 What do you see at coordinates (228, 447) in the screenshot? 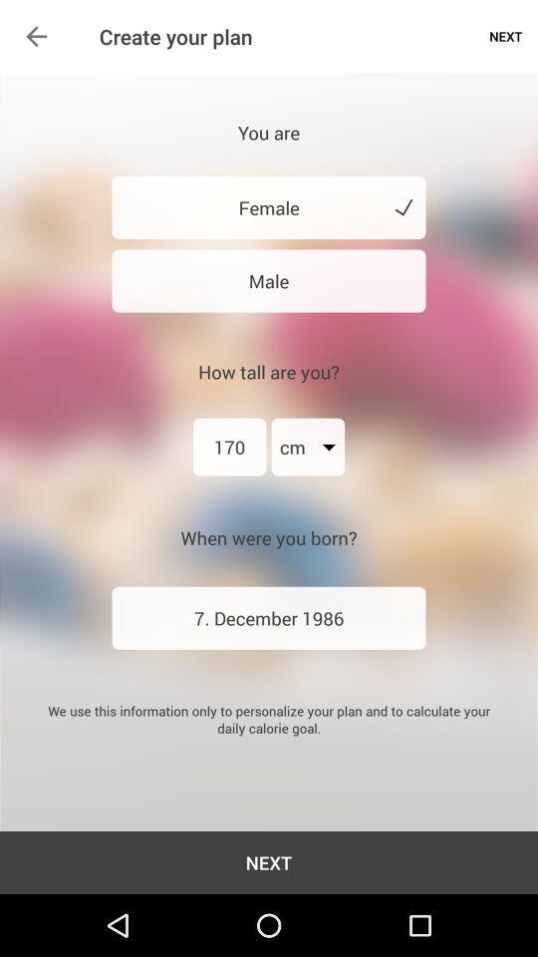
I see `item below how tall are icon` at bounding box center [228, 447].